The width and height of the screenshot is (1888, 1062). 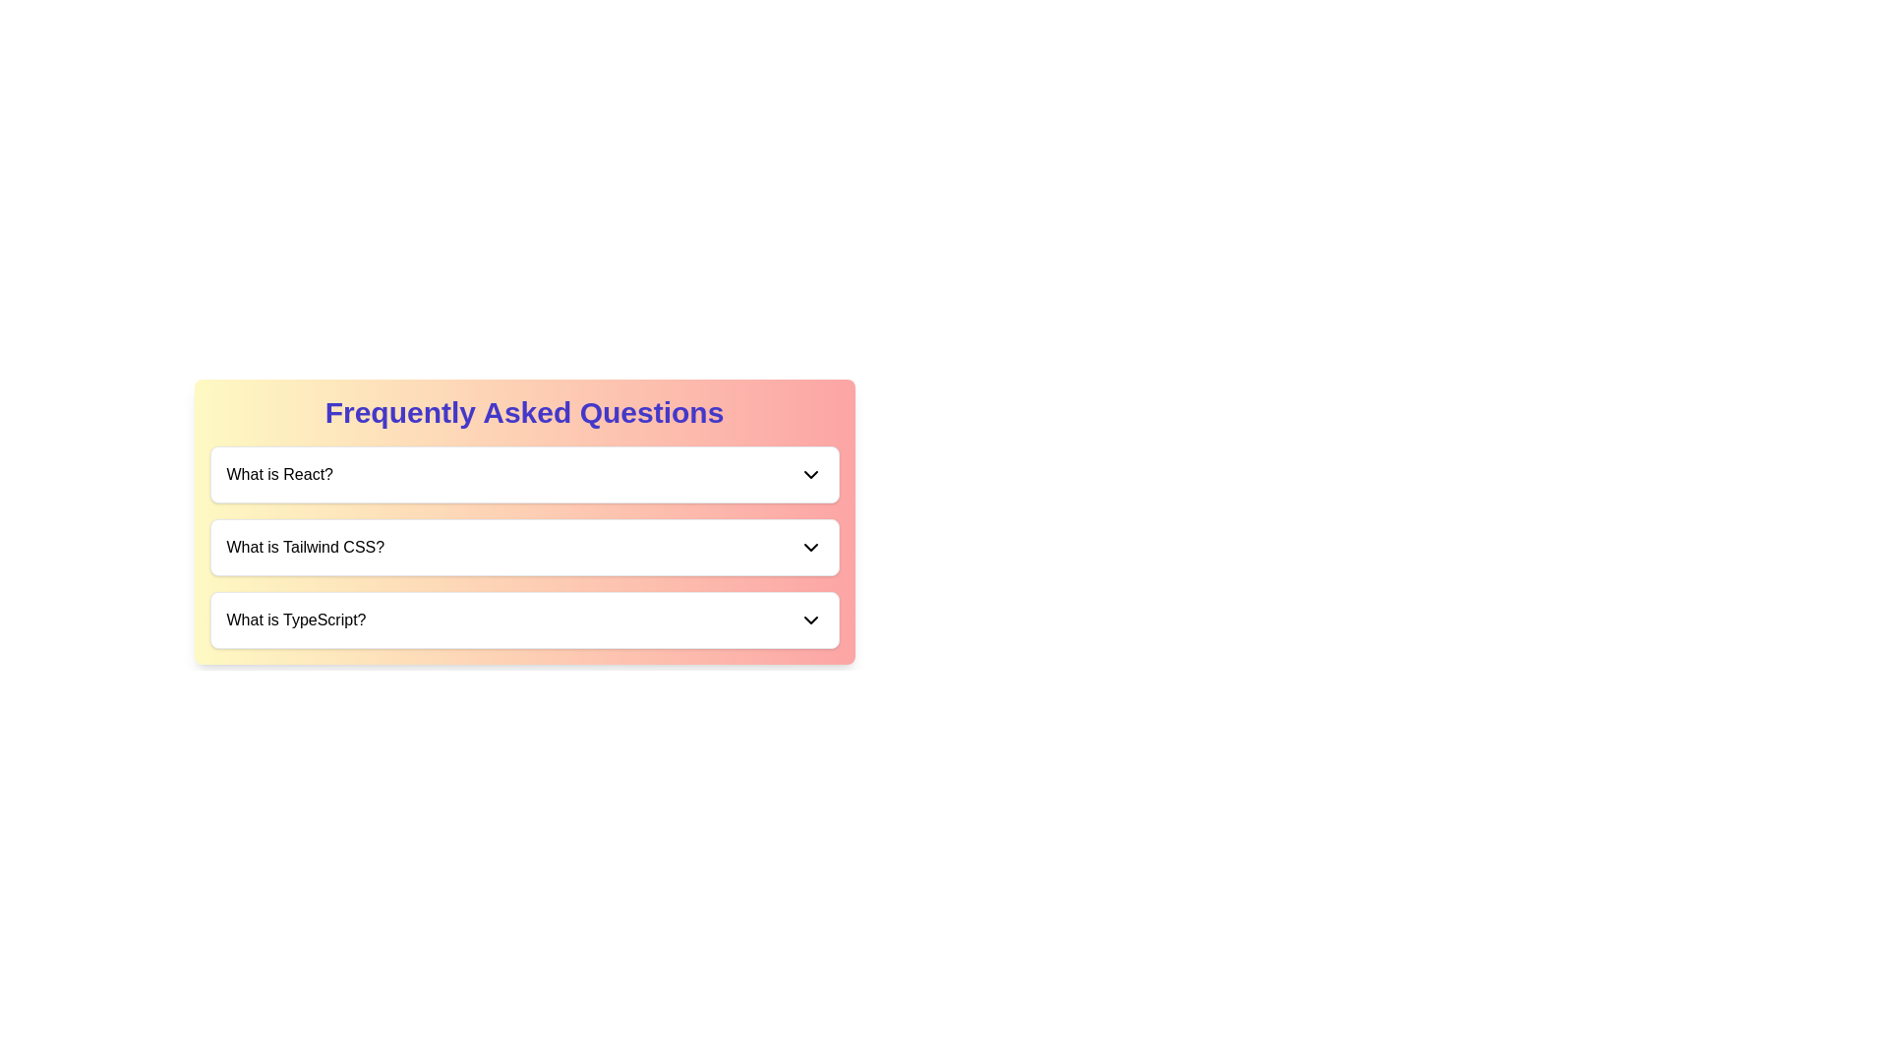 What do you see at coordinates (810, 620) in the screenshot?
I see `the chevron icon at the far-right end of the 'What is TypeScript?' section in the FAQ` at bounding box center [810, 620].